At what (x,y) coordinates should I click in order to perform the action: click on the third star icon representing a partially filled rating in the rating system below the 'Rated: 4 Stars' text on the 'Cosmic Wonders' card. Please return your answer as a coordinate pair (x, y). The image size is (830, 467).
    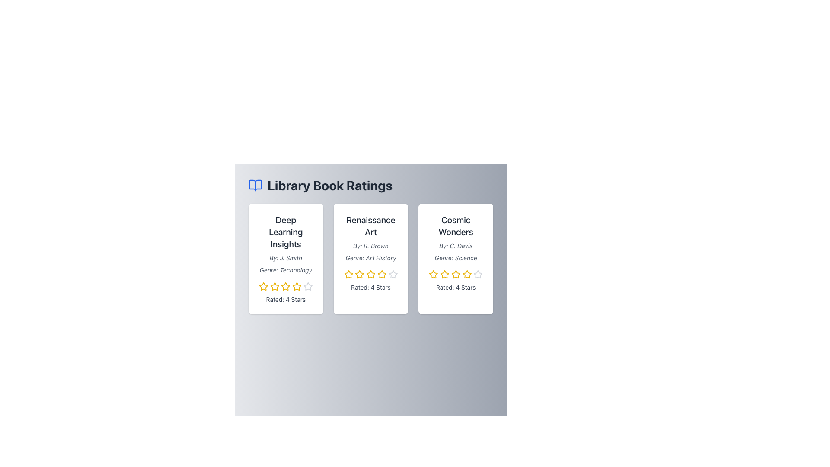
    Looking at the image, I should click on (466, 274).